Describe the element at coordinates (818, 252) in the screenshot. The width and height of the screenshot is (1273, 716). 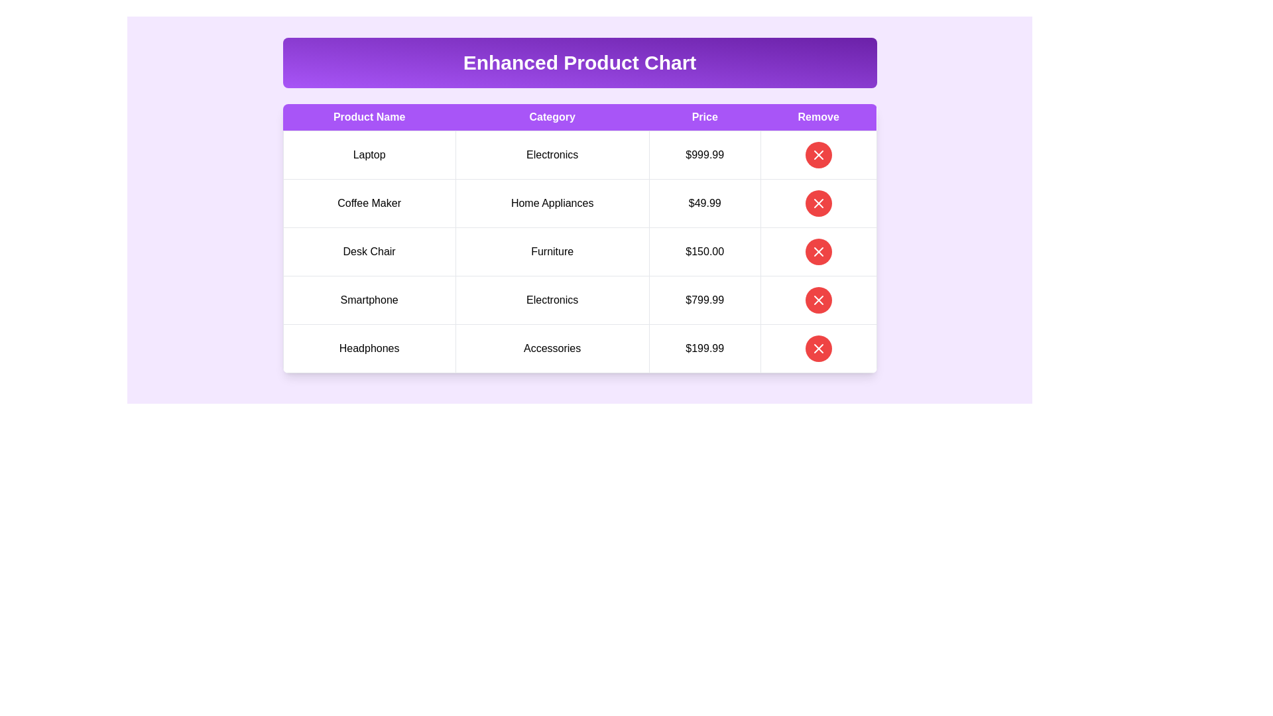
I see `the delete button for the 'Desk Chair' row in the table` at that location.